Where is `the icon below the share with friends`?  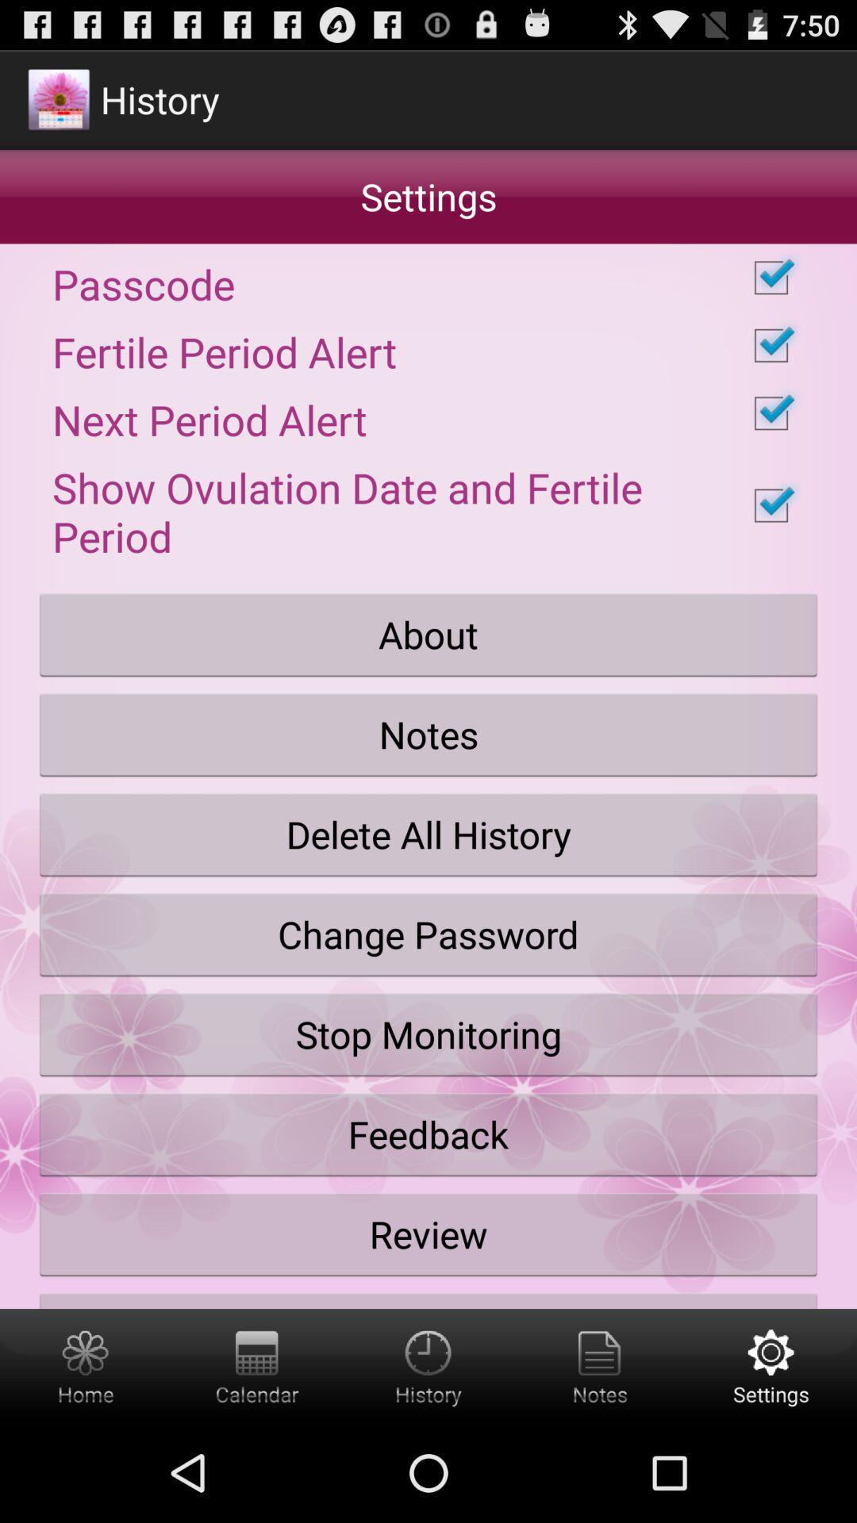 the icon below the share with friends is located at coordinates (256, 1365).